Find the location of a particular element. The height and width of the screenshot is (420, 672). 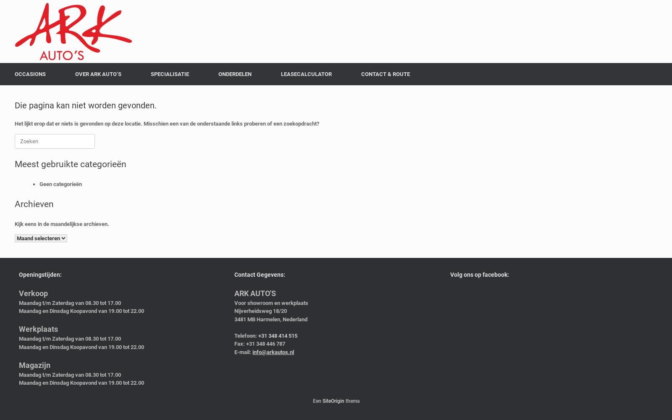

'Meest gebruikte categorieën' is located at coordinates (14, 164).